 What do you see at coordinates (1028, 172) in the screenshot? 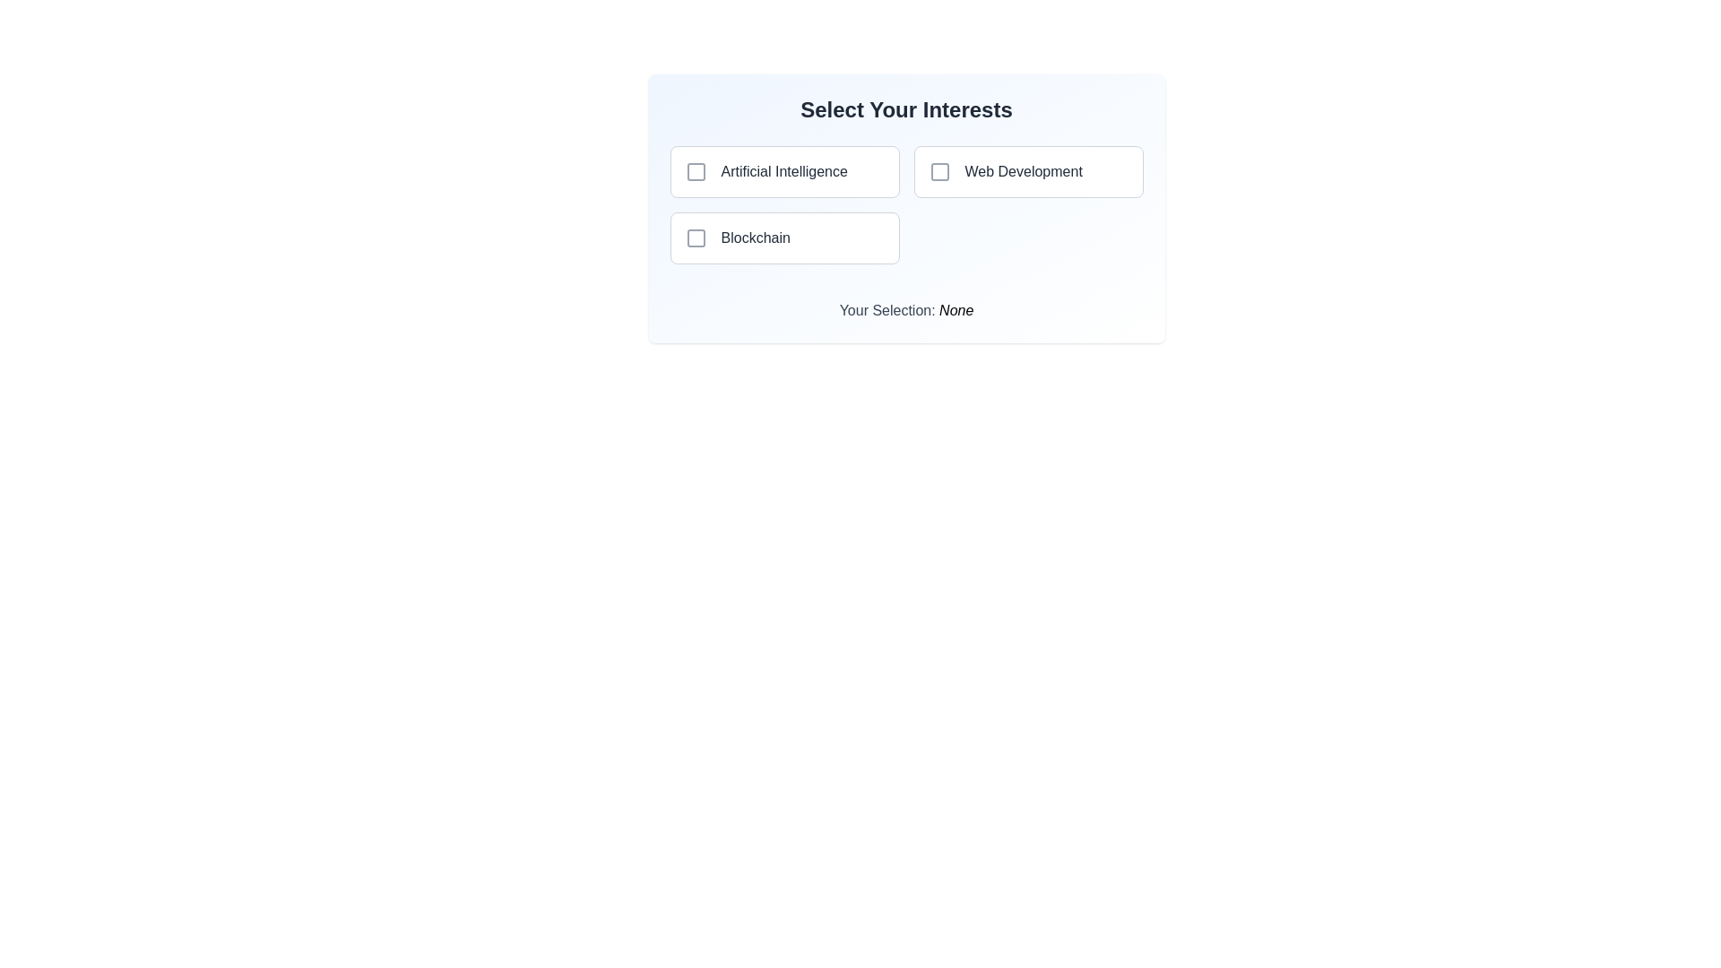
I see `the 'Web Development' checkbox` at bounding box center [1028, 172].